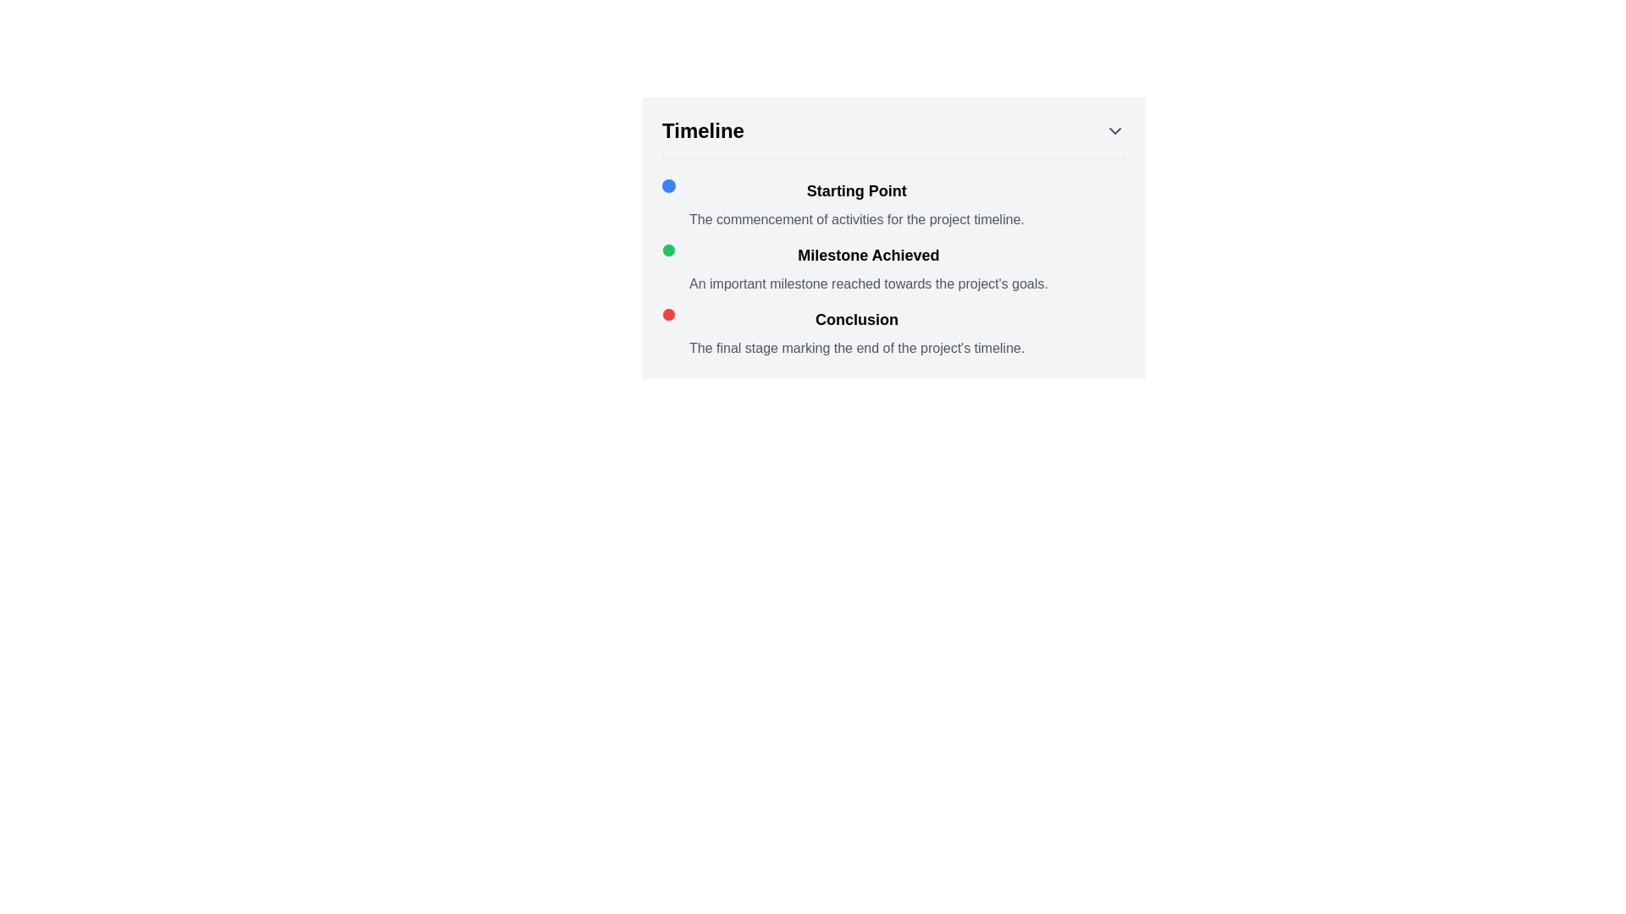  I want to click on the second milestone in the vertically arranged timeline component, which is located below 'Starting Point' and above 'Conclusion.', so click(868, 267).